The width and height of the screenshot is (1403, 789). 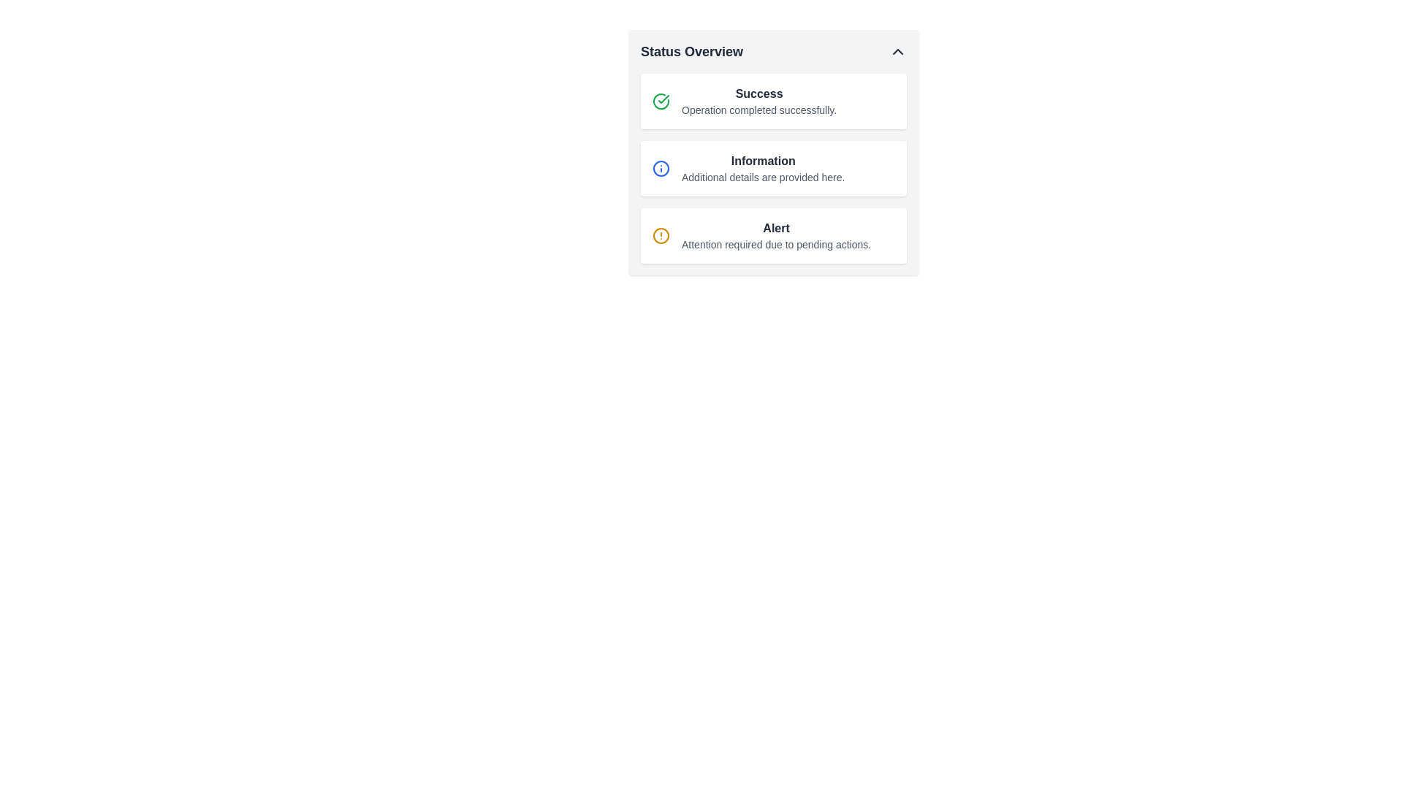 What do you see at coordinates (661, 235) in the screenshot?
I see `the Decorative SVG circle within the 'Alert' section of the 'Status Overview' panel, which has a yellow outline and is part of the alert icon` at bounding box center [661, 235].